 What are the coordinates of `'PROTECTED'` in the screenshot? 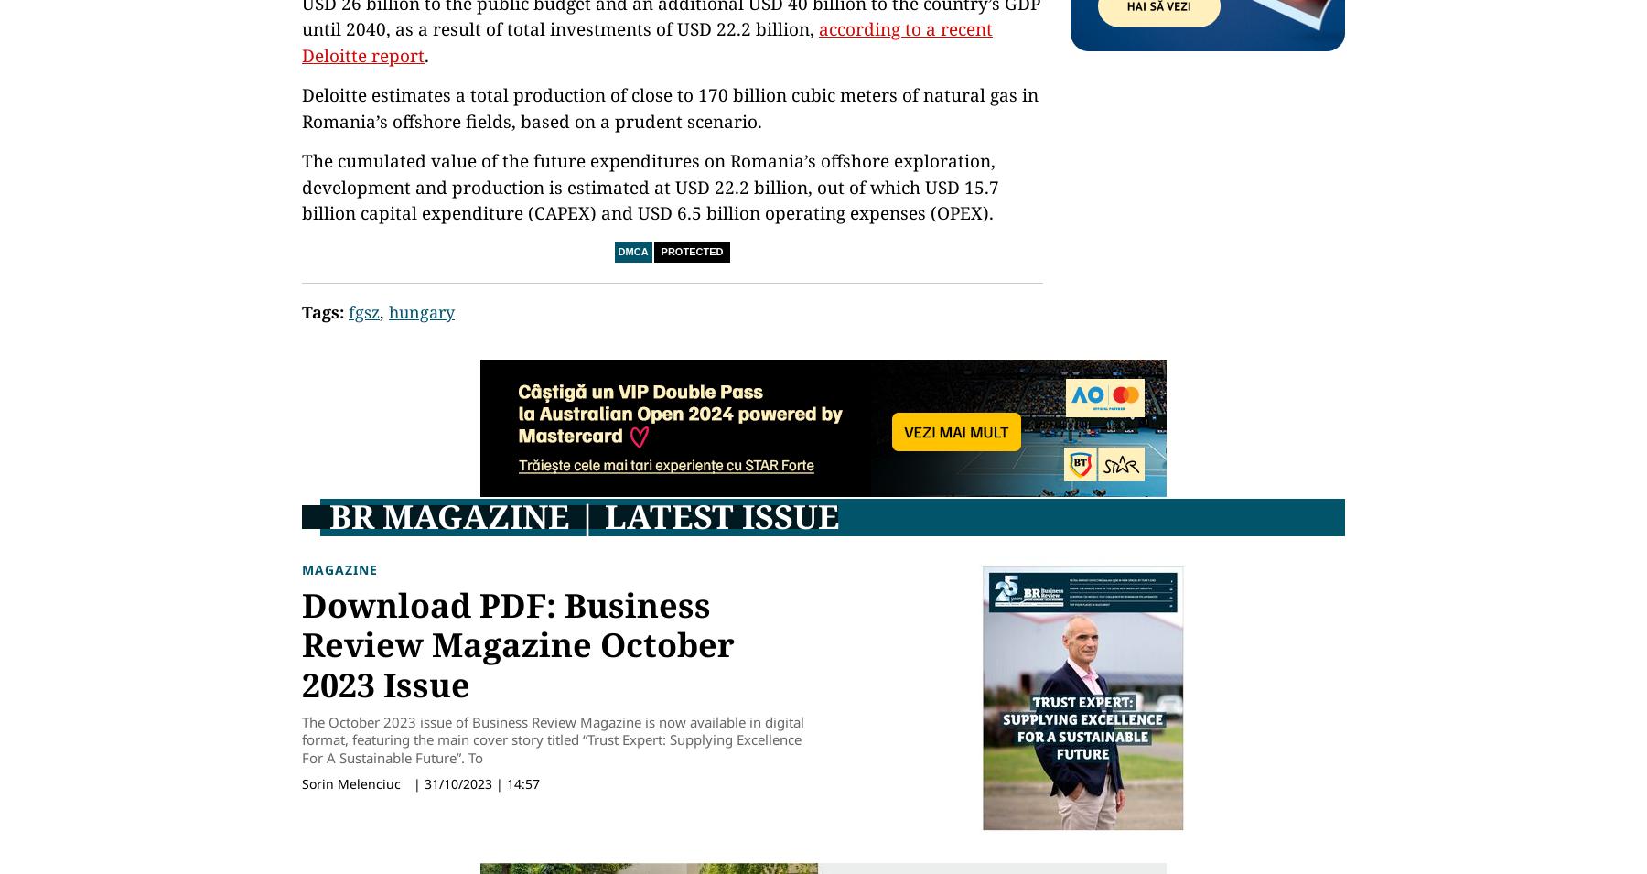 It's located at (691, 252).